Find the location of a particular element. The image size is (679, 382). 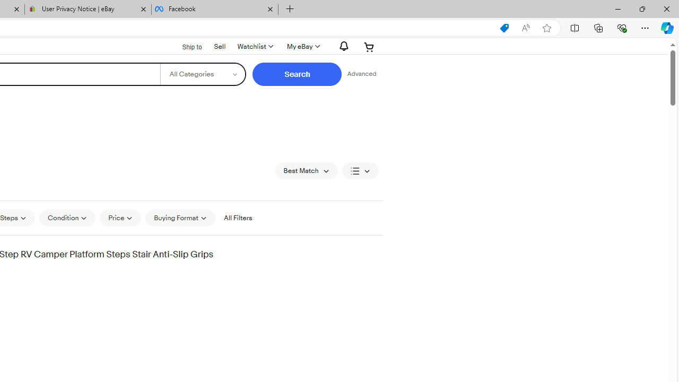

'Facebook' is located at coordinates (214, 9).